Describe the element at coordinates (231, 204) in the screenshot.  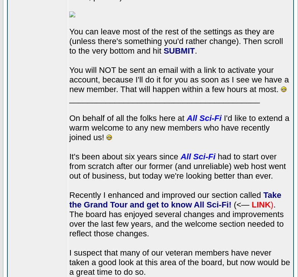
I see `'(<—'` at that location.